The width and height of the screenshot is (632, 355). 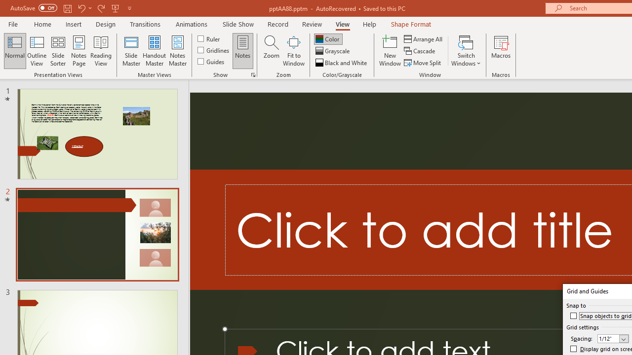 I want to click on 'Cascade', so click(x=420, y=51).